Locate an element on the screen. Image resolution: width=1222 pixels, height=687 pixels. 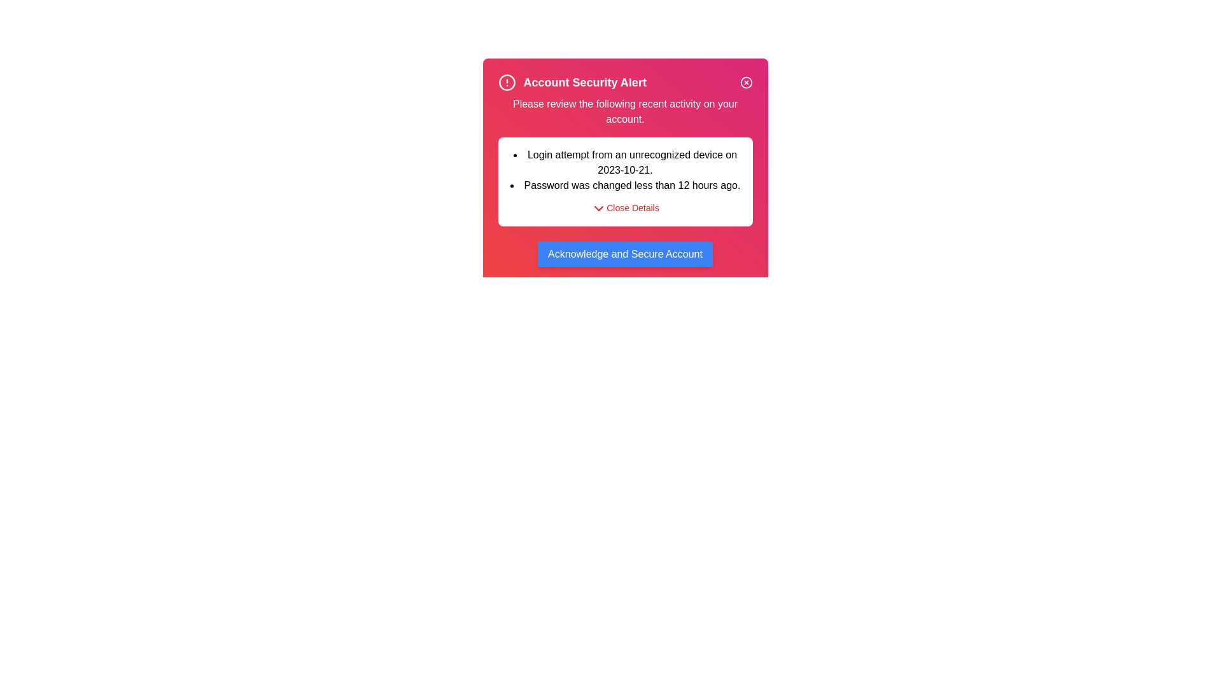
the alert icon located left of the text 'Account Security Alert' at the top of the notification box is located at coordinates (506, 83).